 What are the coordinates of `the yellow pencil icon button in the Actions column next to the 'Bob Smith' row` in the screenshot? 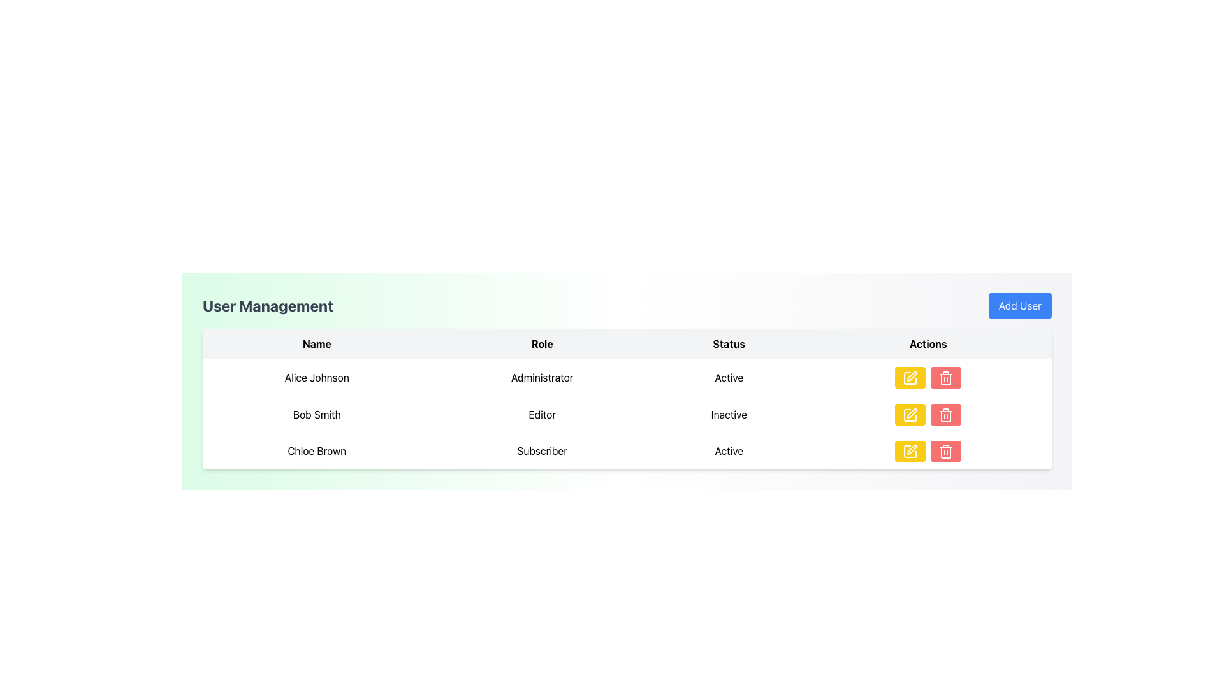 It's located at (910, 377).